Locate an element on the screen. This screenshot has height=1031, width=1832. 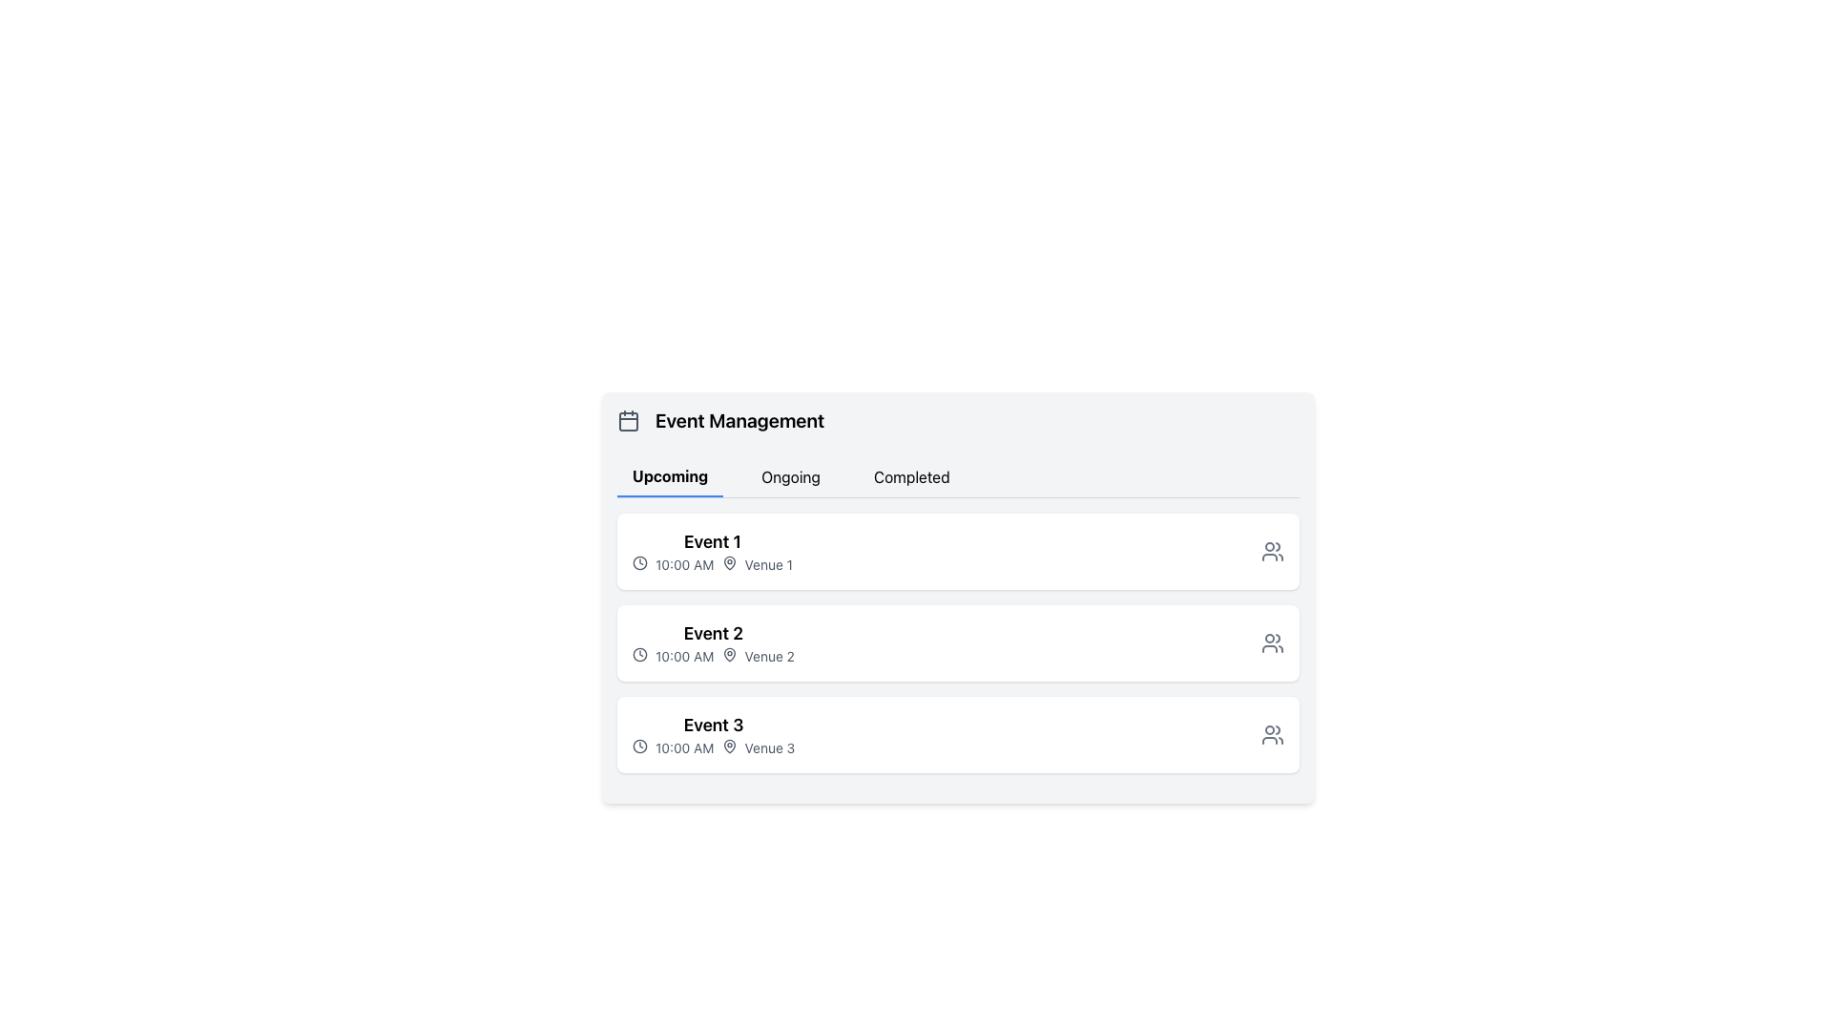
scheduled start time of 'Event 2' in the 'Upcoming' events section, located in the second card under 'Event Management', positioned between a clock icon and 'Venue 2' is located at coordinates (684, 655).